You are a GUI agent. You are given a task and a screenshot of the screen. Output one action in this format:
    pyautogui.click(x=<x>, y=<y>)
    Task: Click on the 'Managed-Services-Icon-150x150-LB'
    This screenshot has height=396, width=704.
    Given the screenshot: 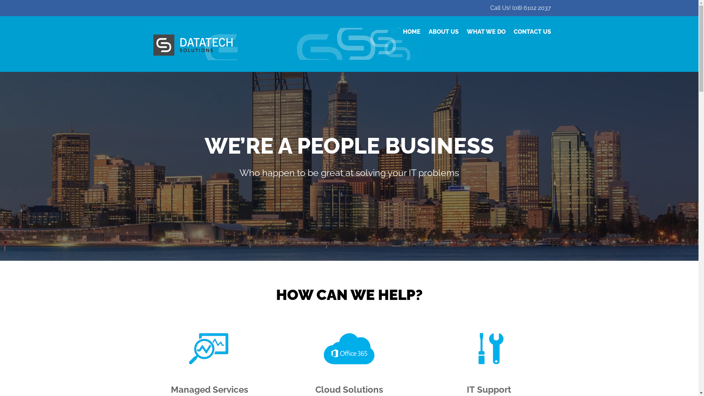 What is the action you would take?
    pyautogui.click(x=209, y=348)
    